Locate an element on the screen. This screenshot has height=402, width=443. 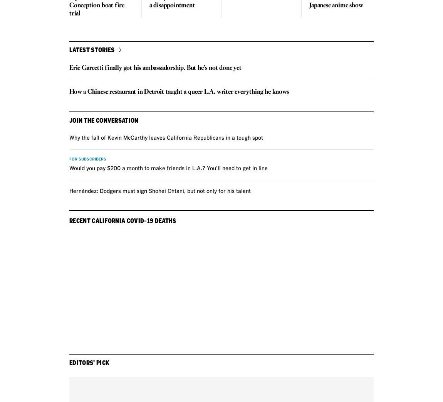
'For Subscribers' is located at coordinates (87, 159).